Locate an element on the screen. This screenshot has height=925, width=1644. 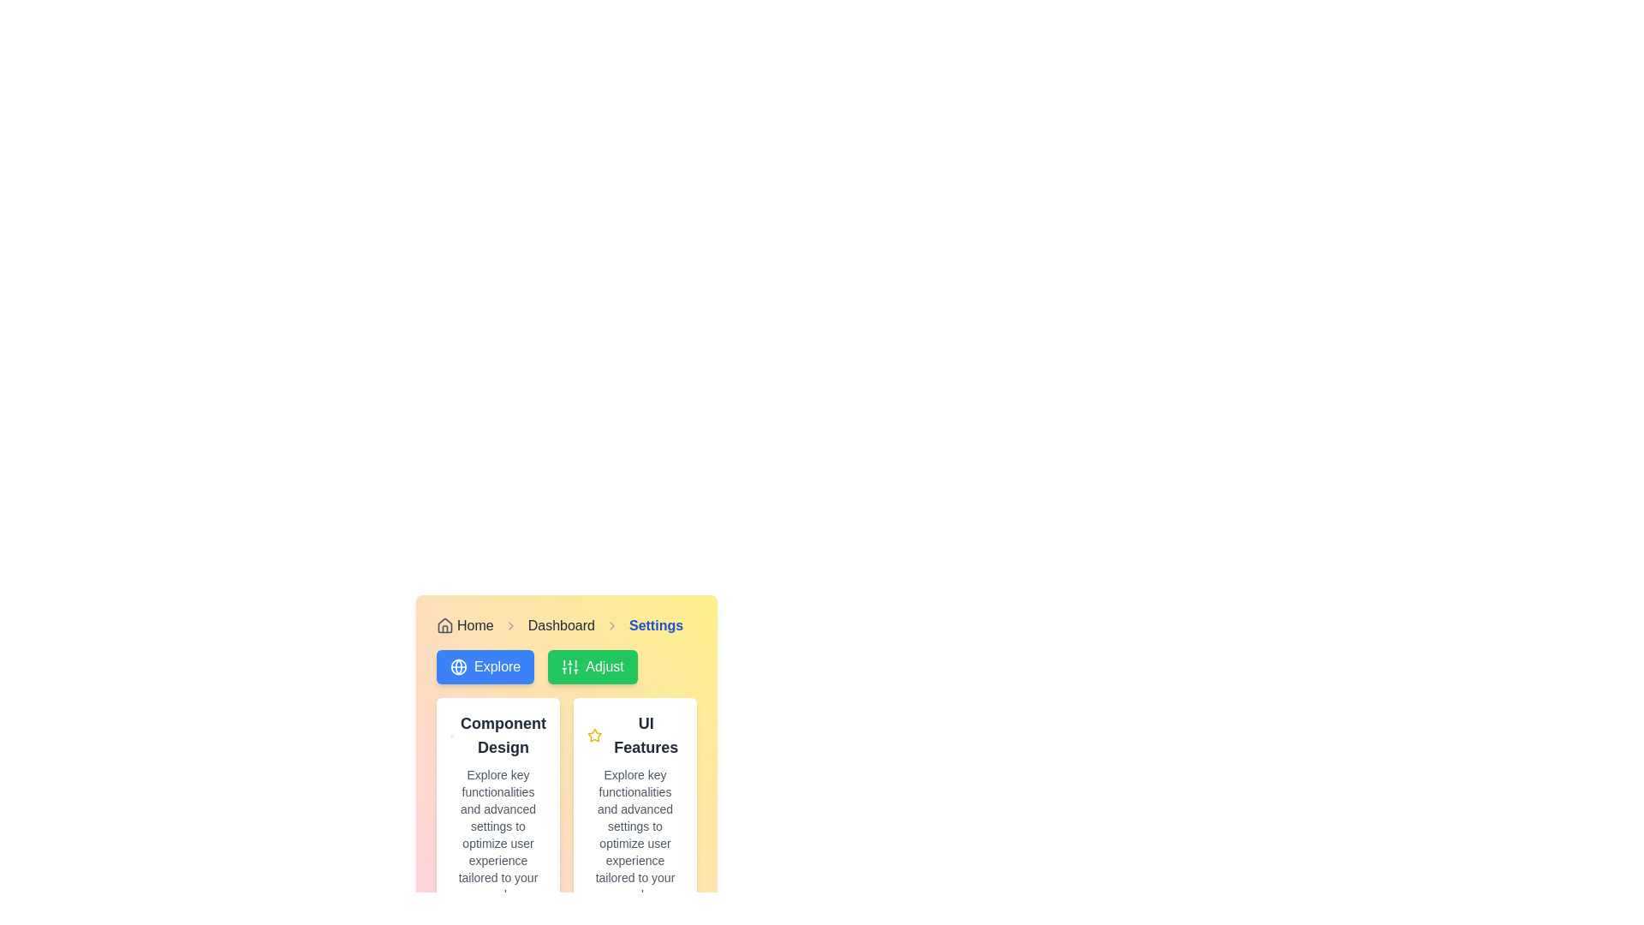
the 'Component Design' text label in the first card, which is styled in a large, bold dark gray font and located at the top of the card next to a yellow star icon is located at coordinates (497, 735).